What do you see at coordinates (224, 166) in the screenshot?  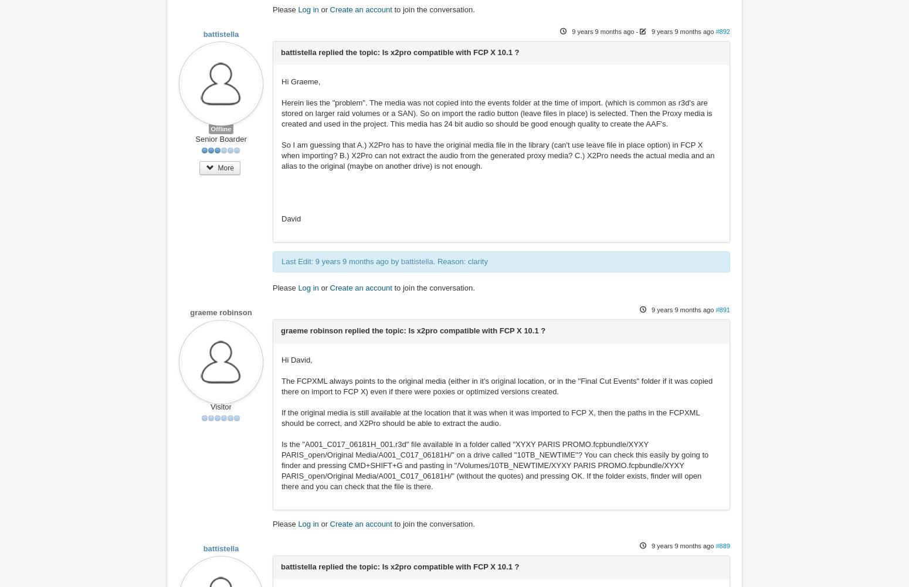 I see `'More'` at bounding box center [224, 166].